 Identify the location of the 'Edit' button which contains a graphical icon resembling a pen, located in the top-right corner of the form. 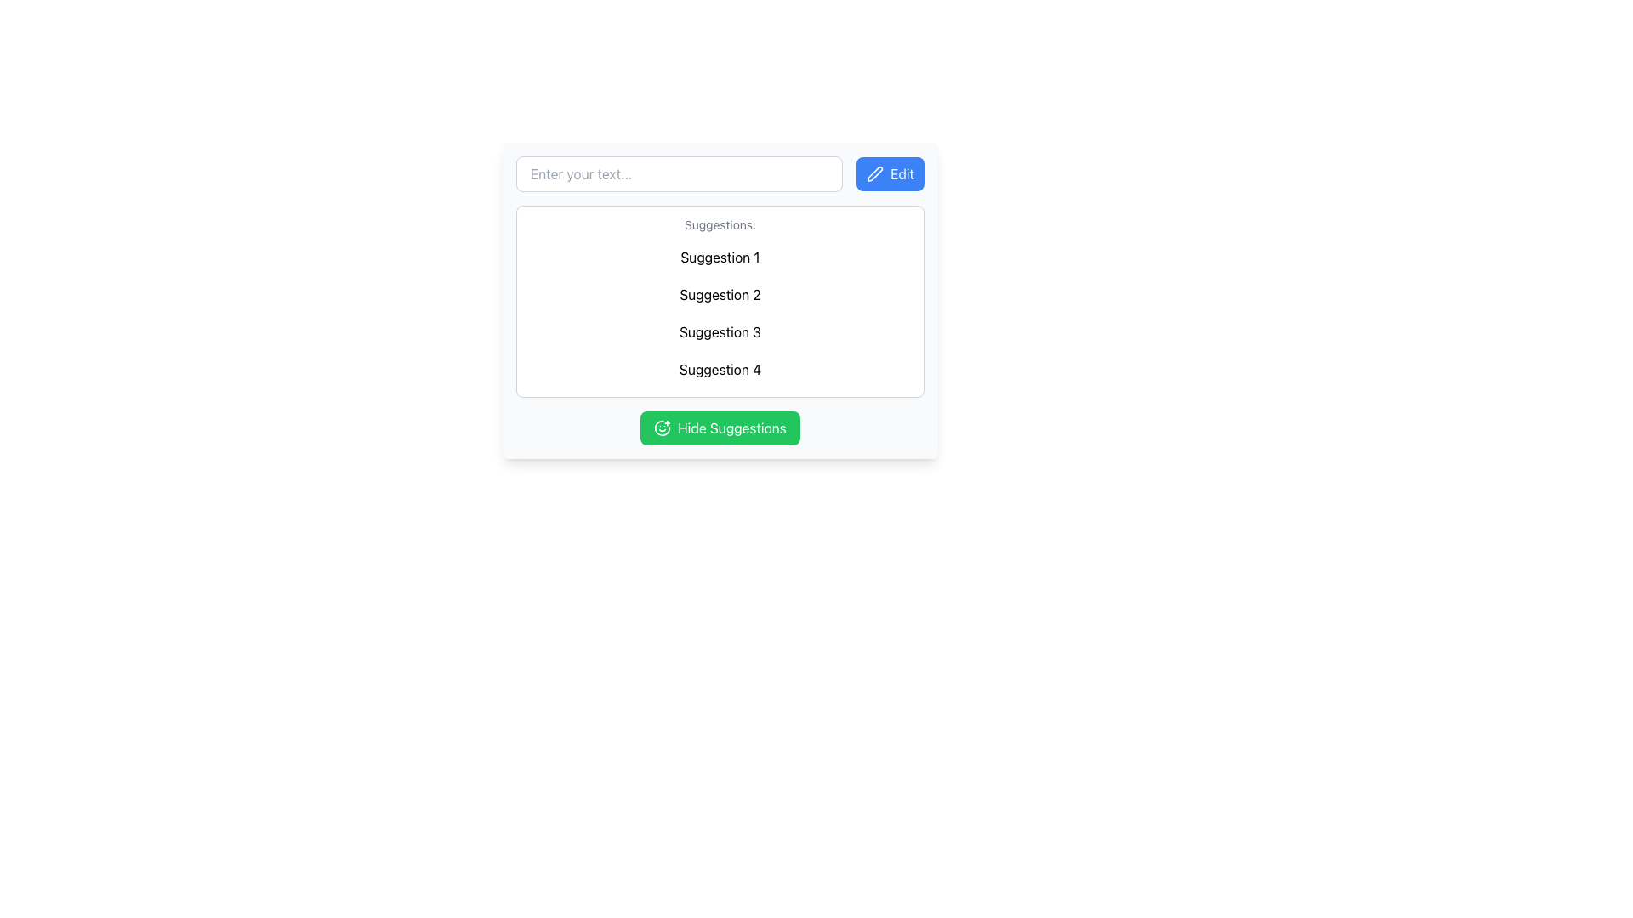
(875, 173).